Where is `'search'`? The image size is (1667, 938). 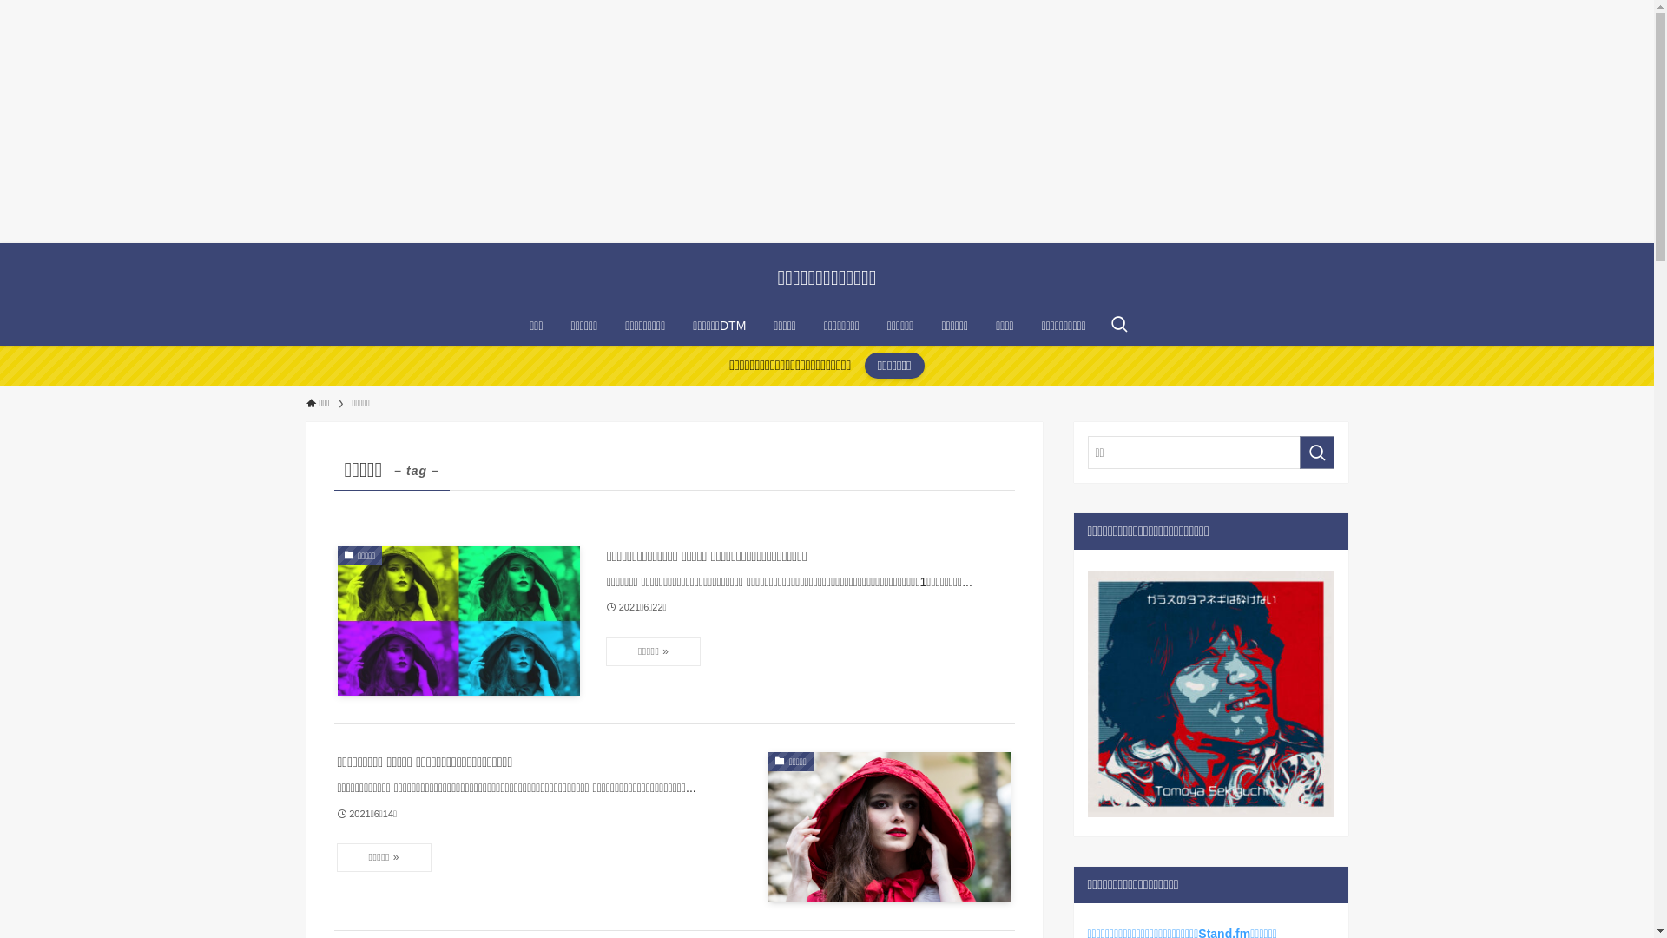
'search' is located at coordinates (1299, 451).